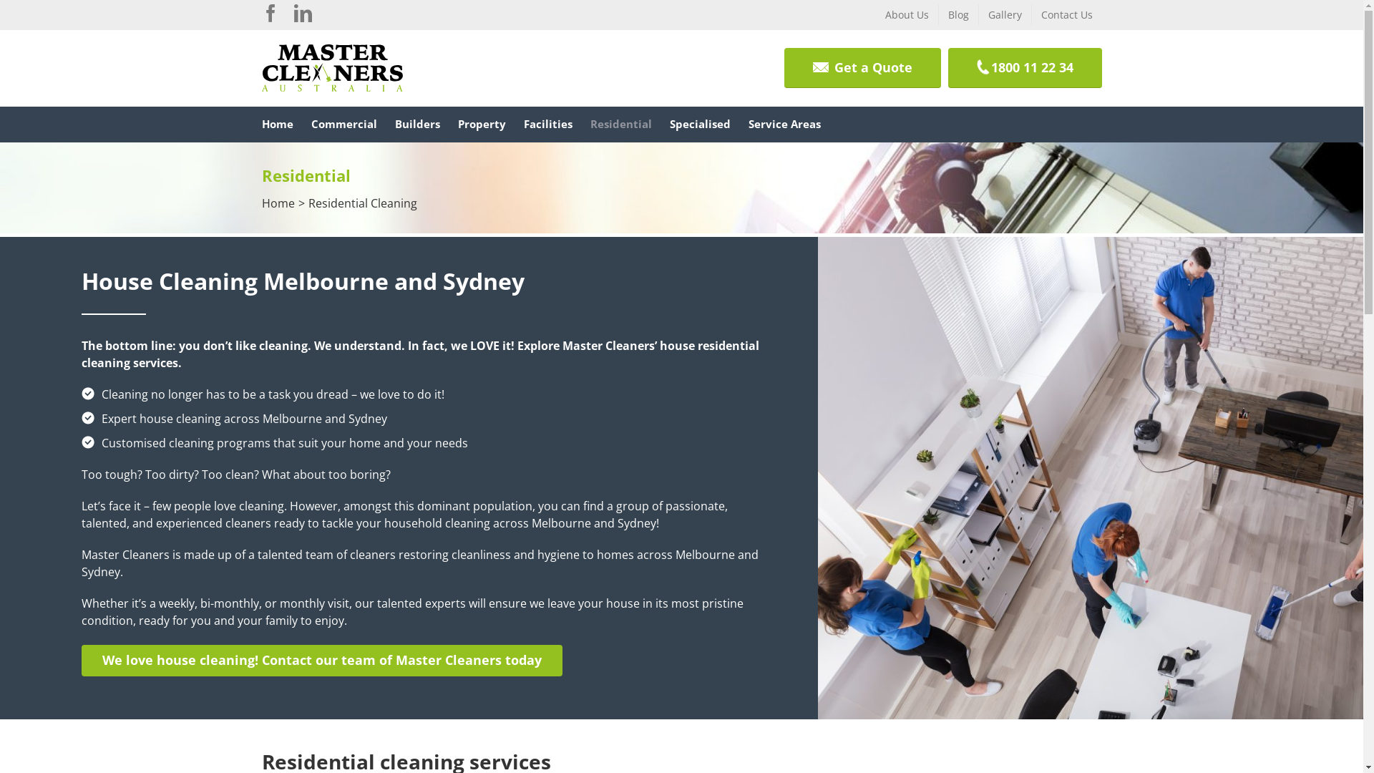 The height and width of the screenshot is (773, 1374). I want to click on 'Service Areas', so click(784, 123).